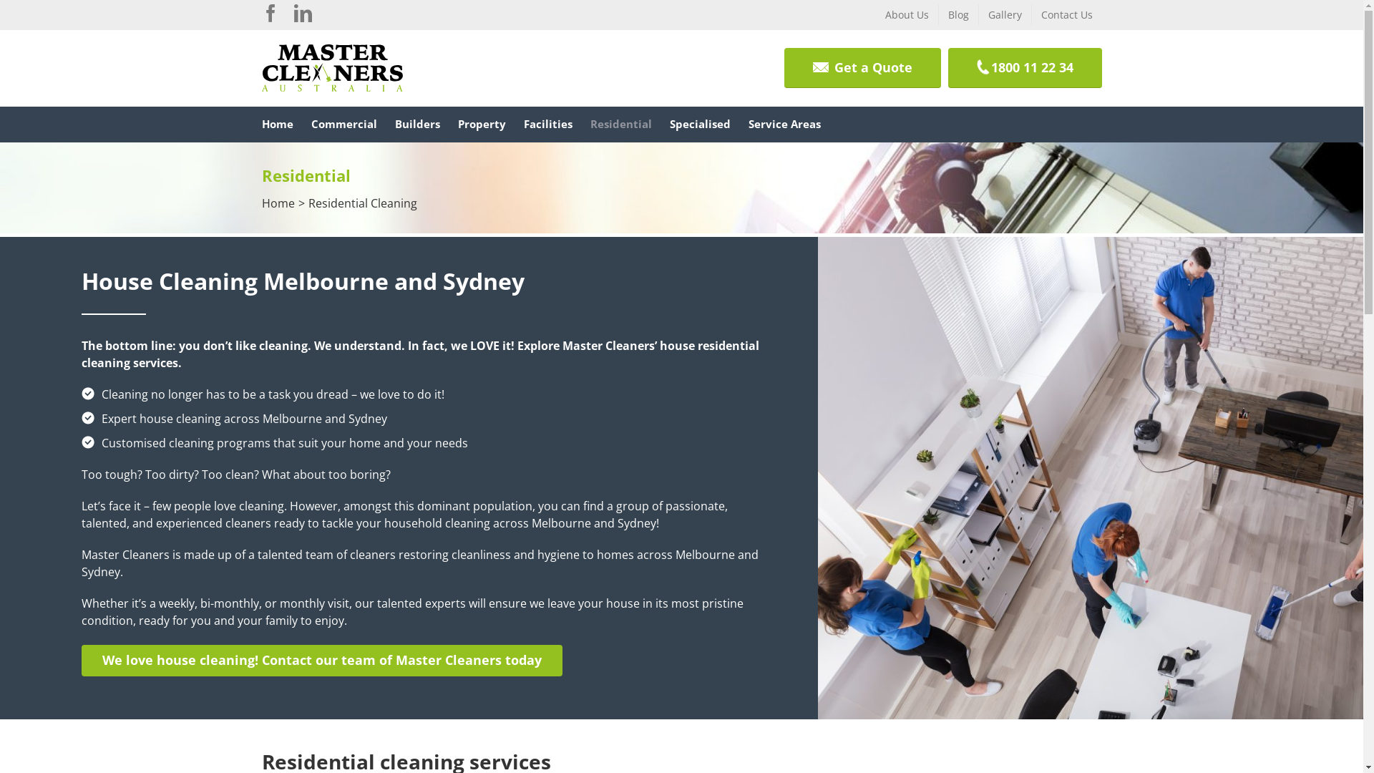 The height and width of the screenshot is (773, 1374). I want to click on 'Service Areas', so click(784, 123).